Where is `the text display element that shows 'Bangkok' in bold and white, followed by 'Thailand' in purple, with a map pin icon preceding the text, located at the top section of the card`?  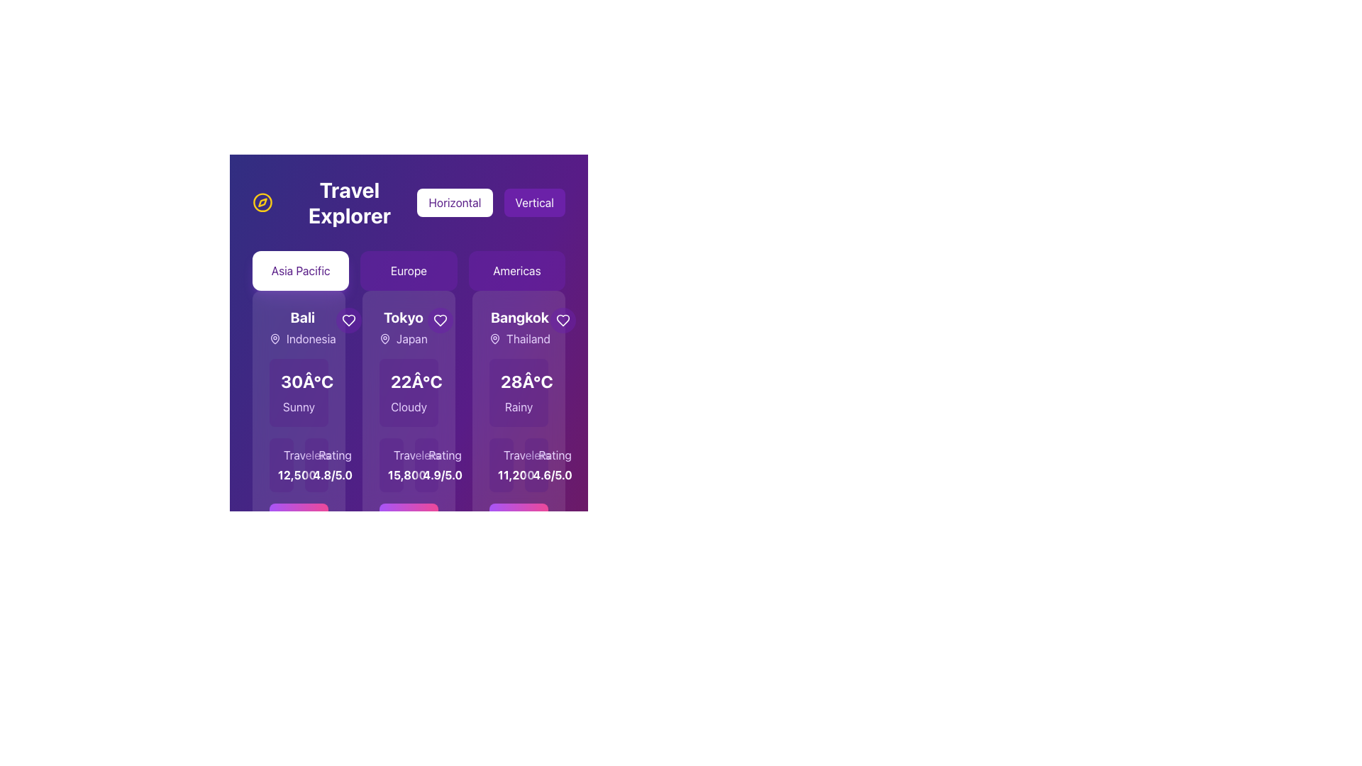 the text display element that shows 'Bangkok' in bold and white, followed by 'Thailand' in purple, with a map pin icon preceding the text, located at the top section of the card is located at coordinates (519, 328).